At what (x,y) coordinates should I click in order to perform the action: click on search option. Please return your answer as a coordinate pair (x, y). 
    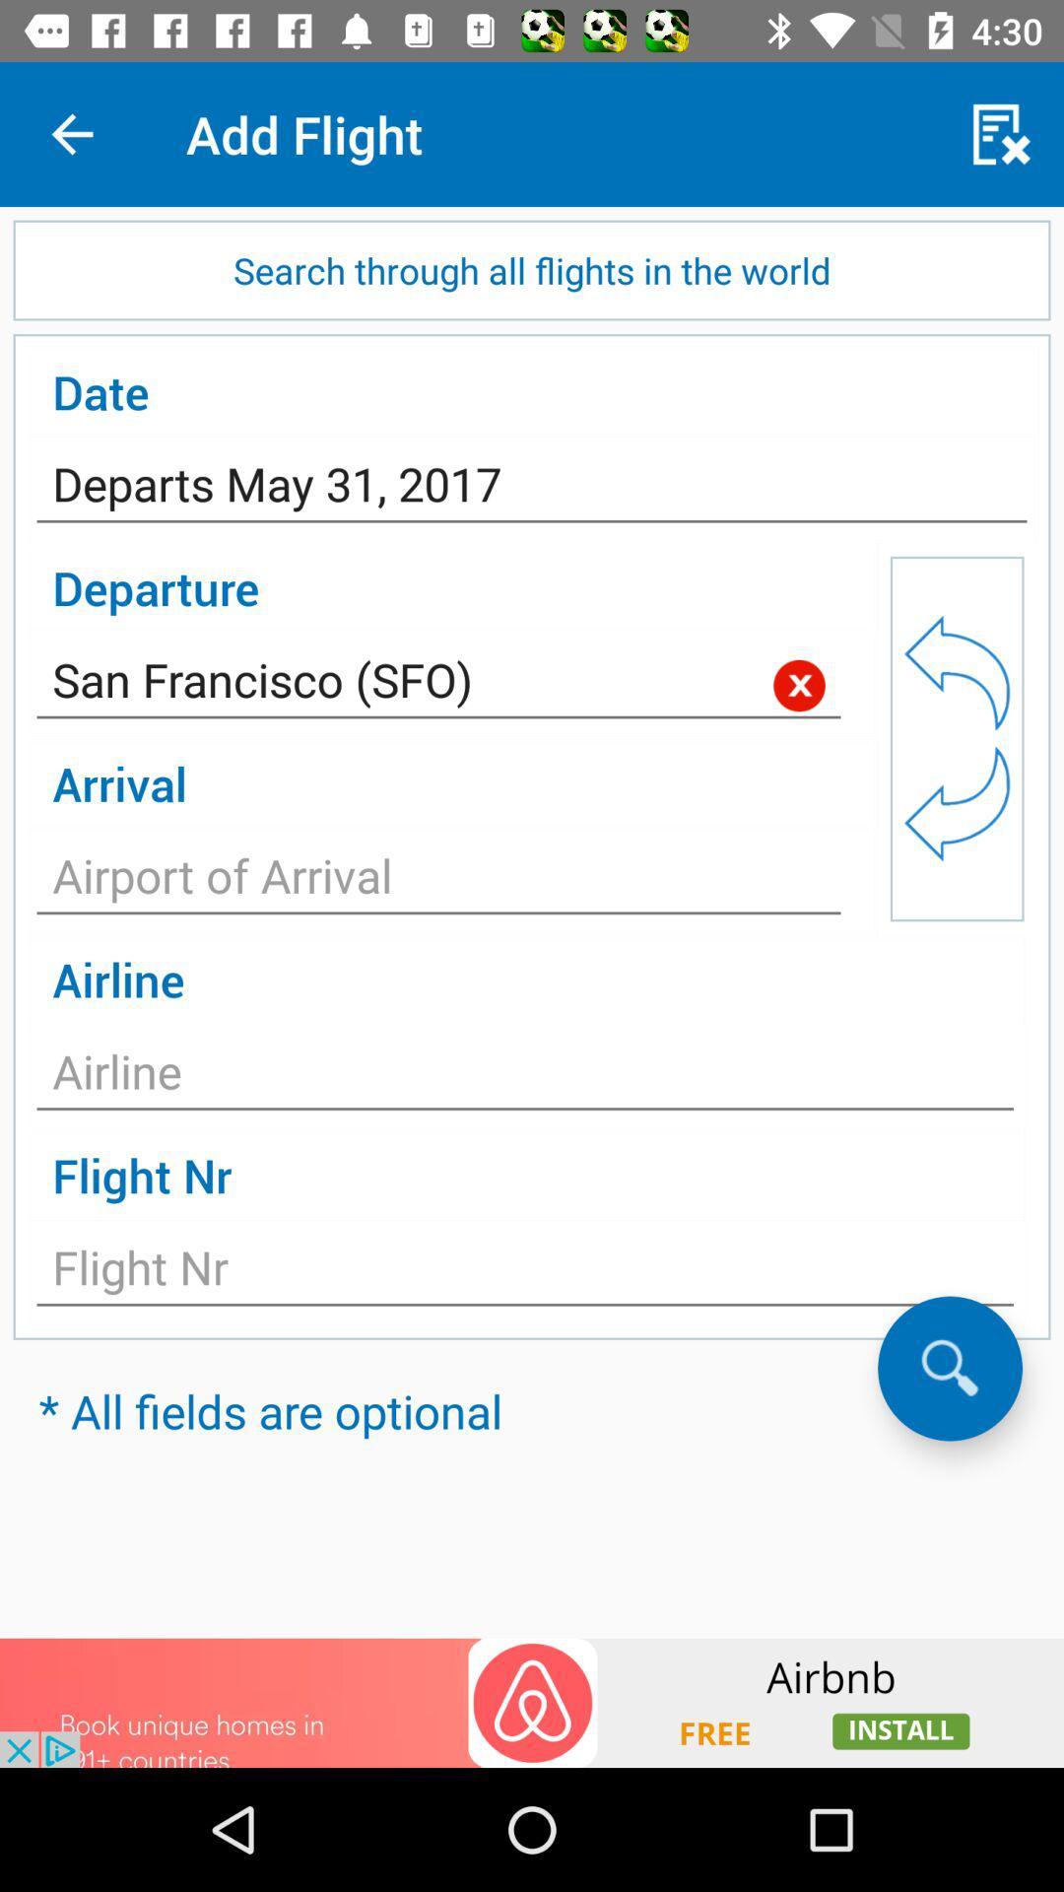
    Looking at the image, I should click on (949, 1367).